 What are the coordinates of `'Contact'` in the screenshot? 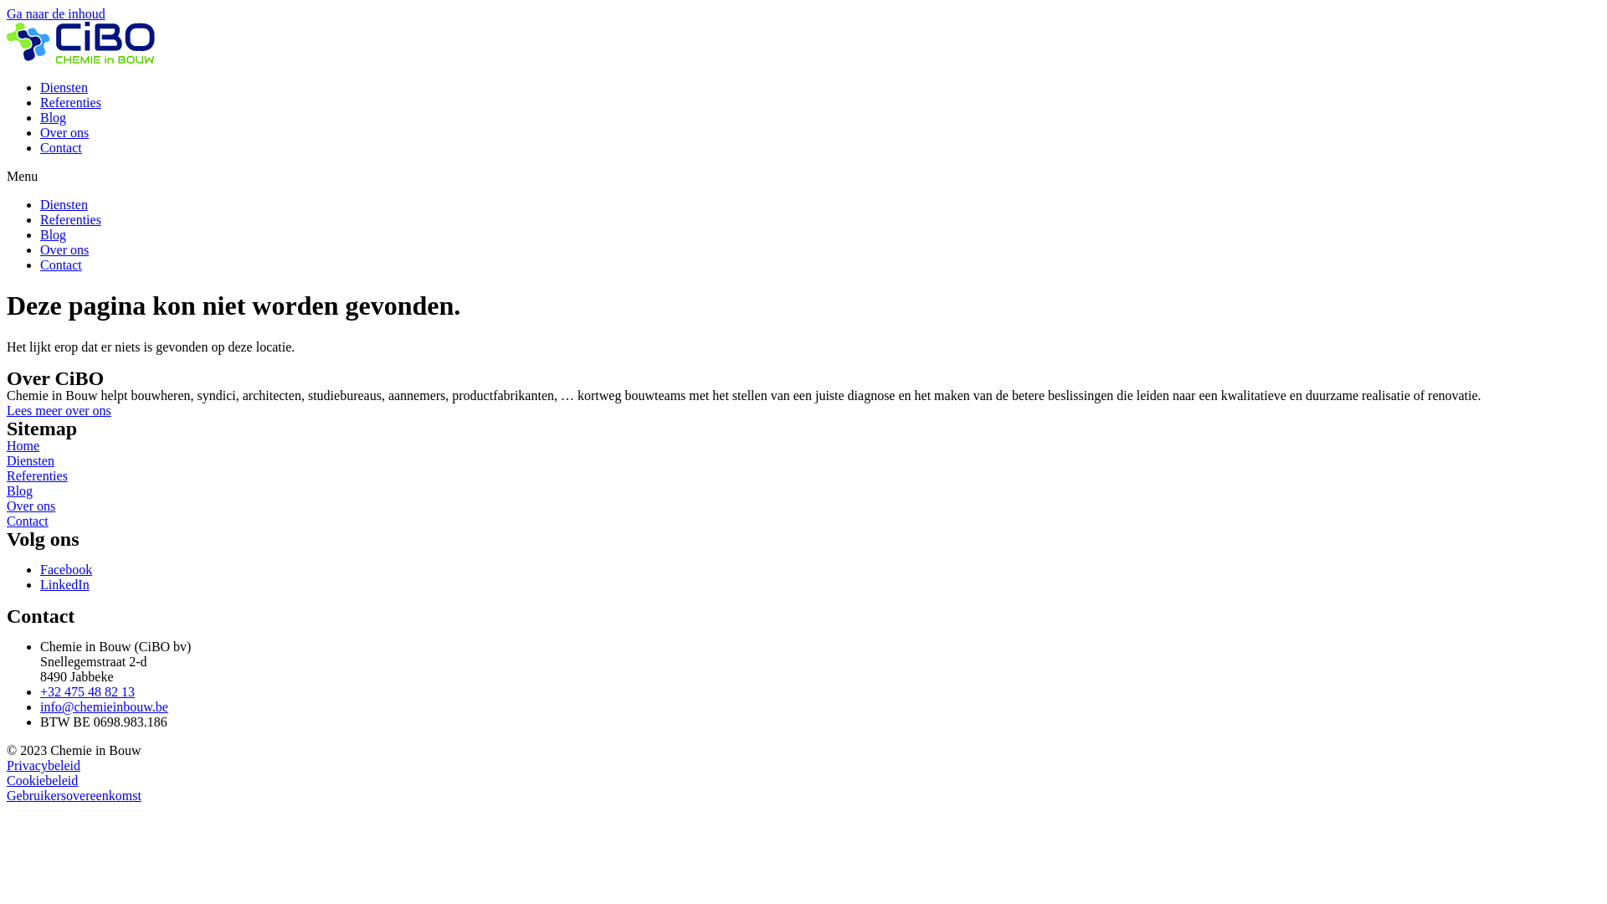 It's located at (28, 520).